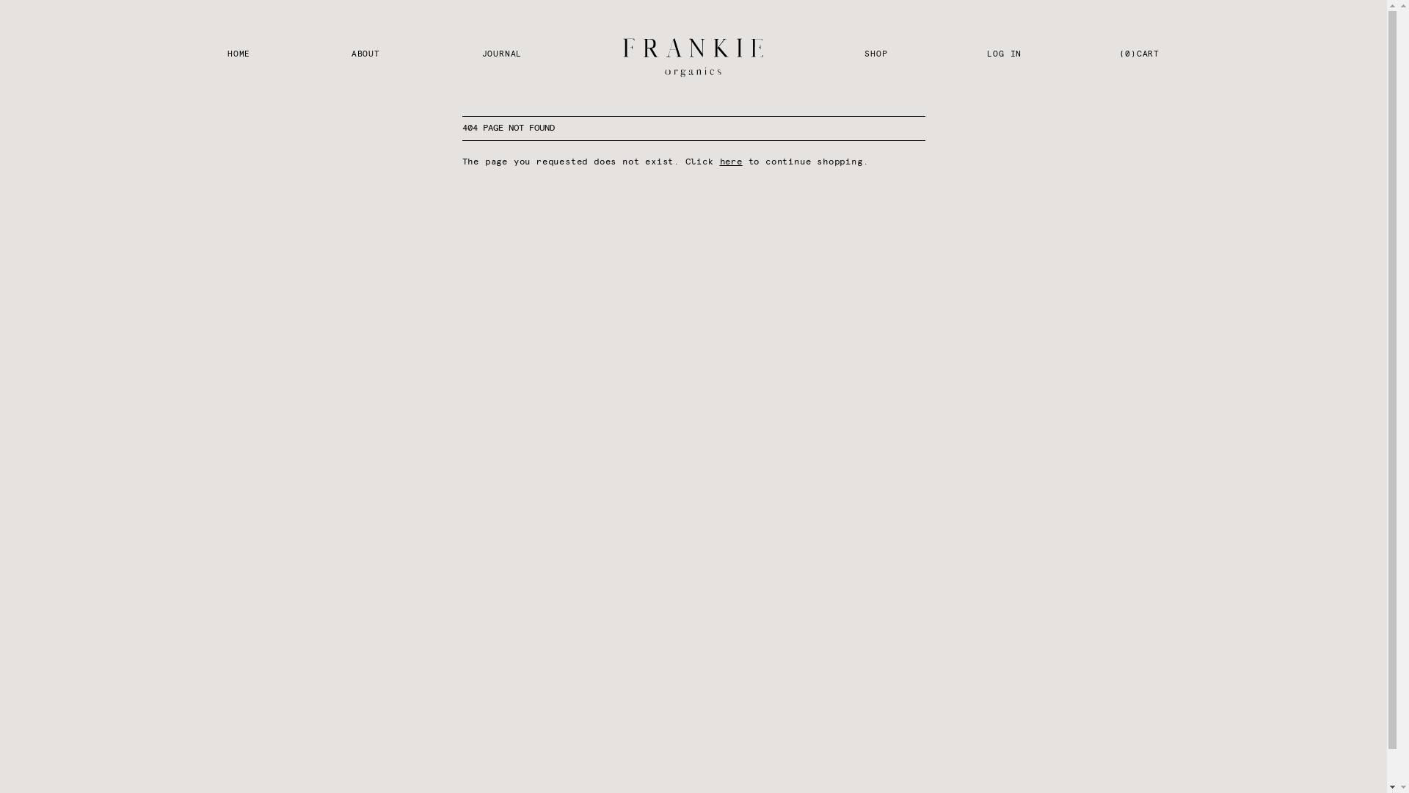  I want to click on '(0)CART', so click(1138, 57).